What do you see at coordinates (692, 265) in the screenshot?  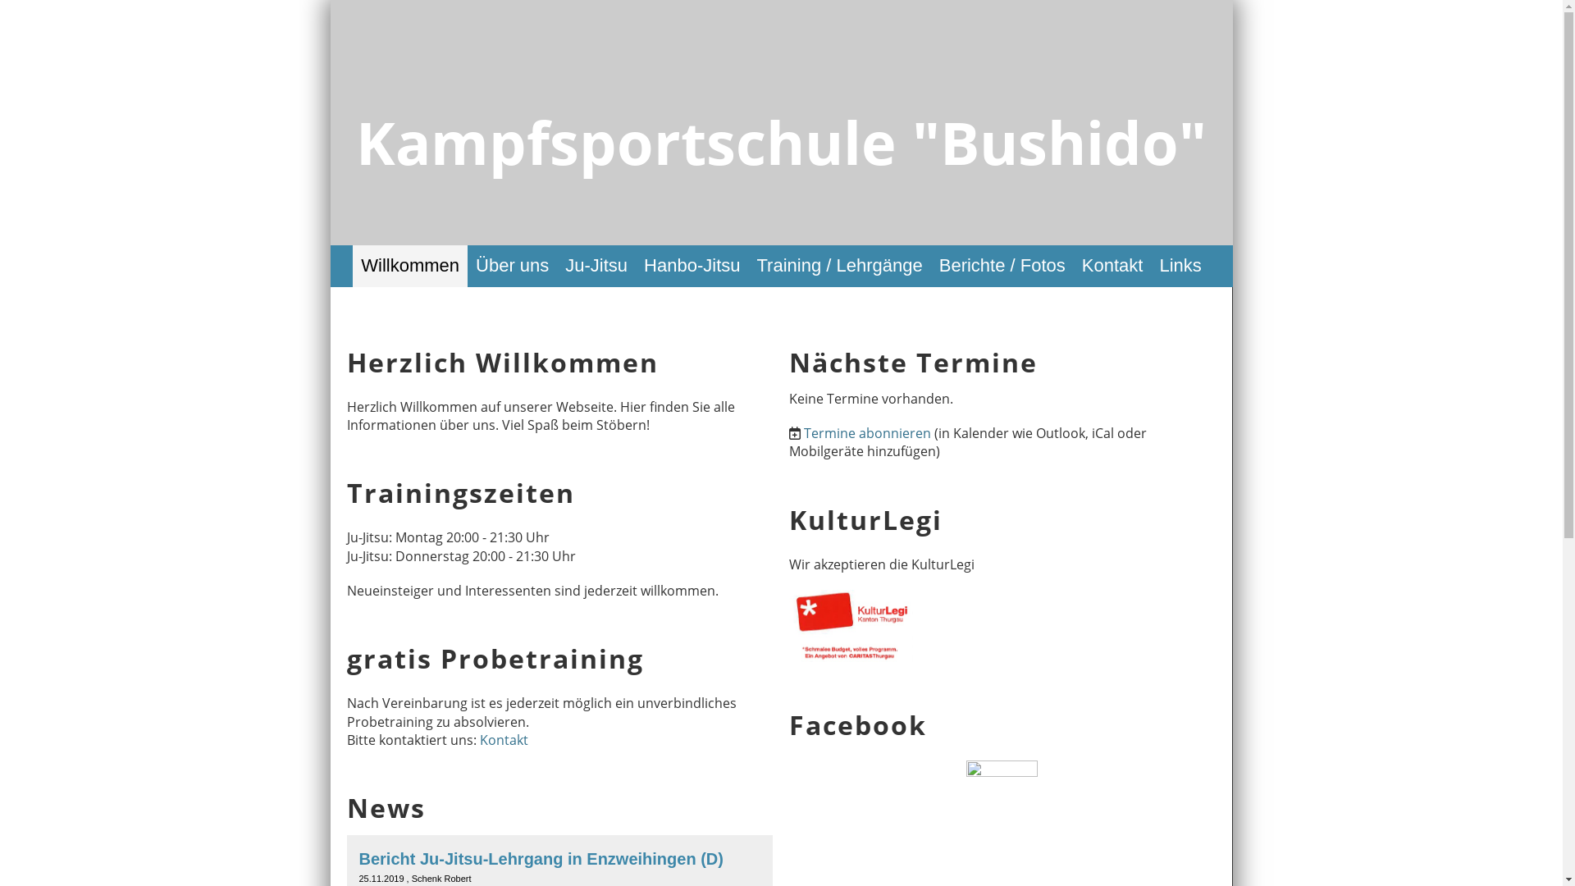 I see `'Hanbo-Jitsu'` at bounding box center [692, 265].